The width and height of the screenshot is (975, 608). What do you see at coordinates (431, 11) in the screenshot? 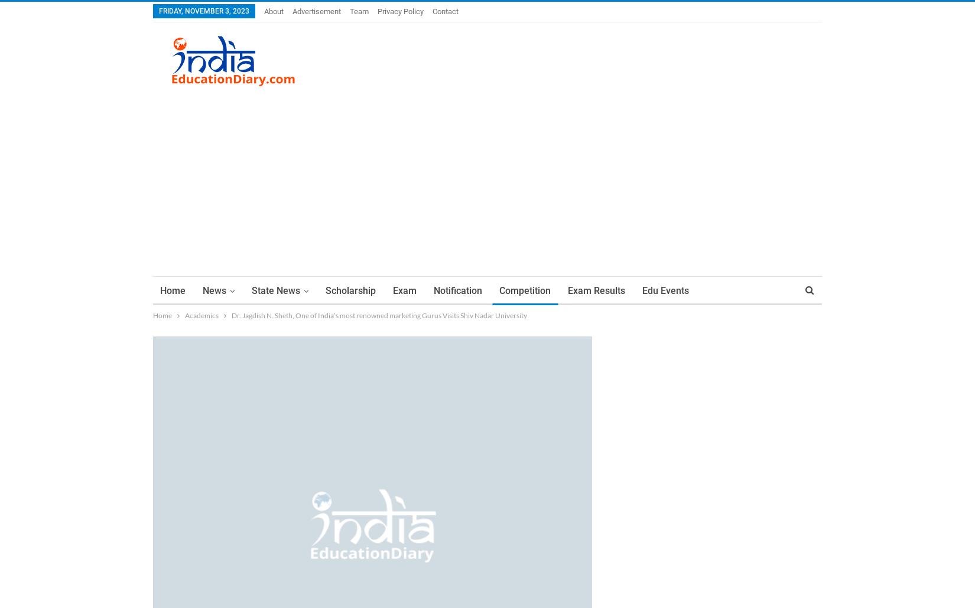
I see `'Contact'` at bounding box center [431, 11].